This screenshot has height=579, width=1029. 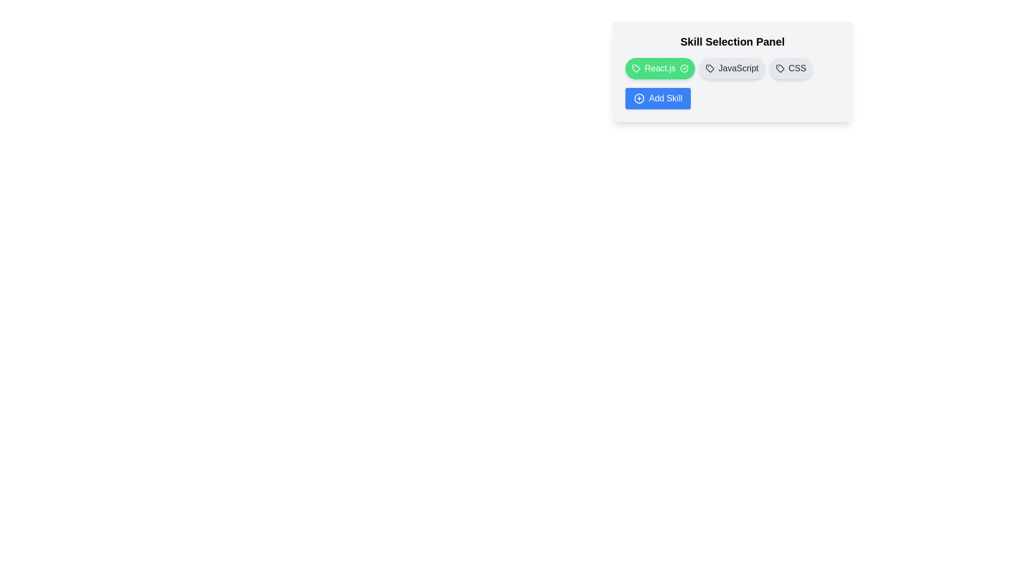 I want to click on the 'JavaScript' button that contains the tag icon with a round outline and dot inside, located in the skills selection panel, so click(x=710, y=68).